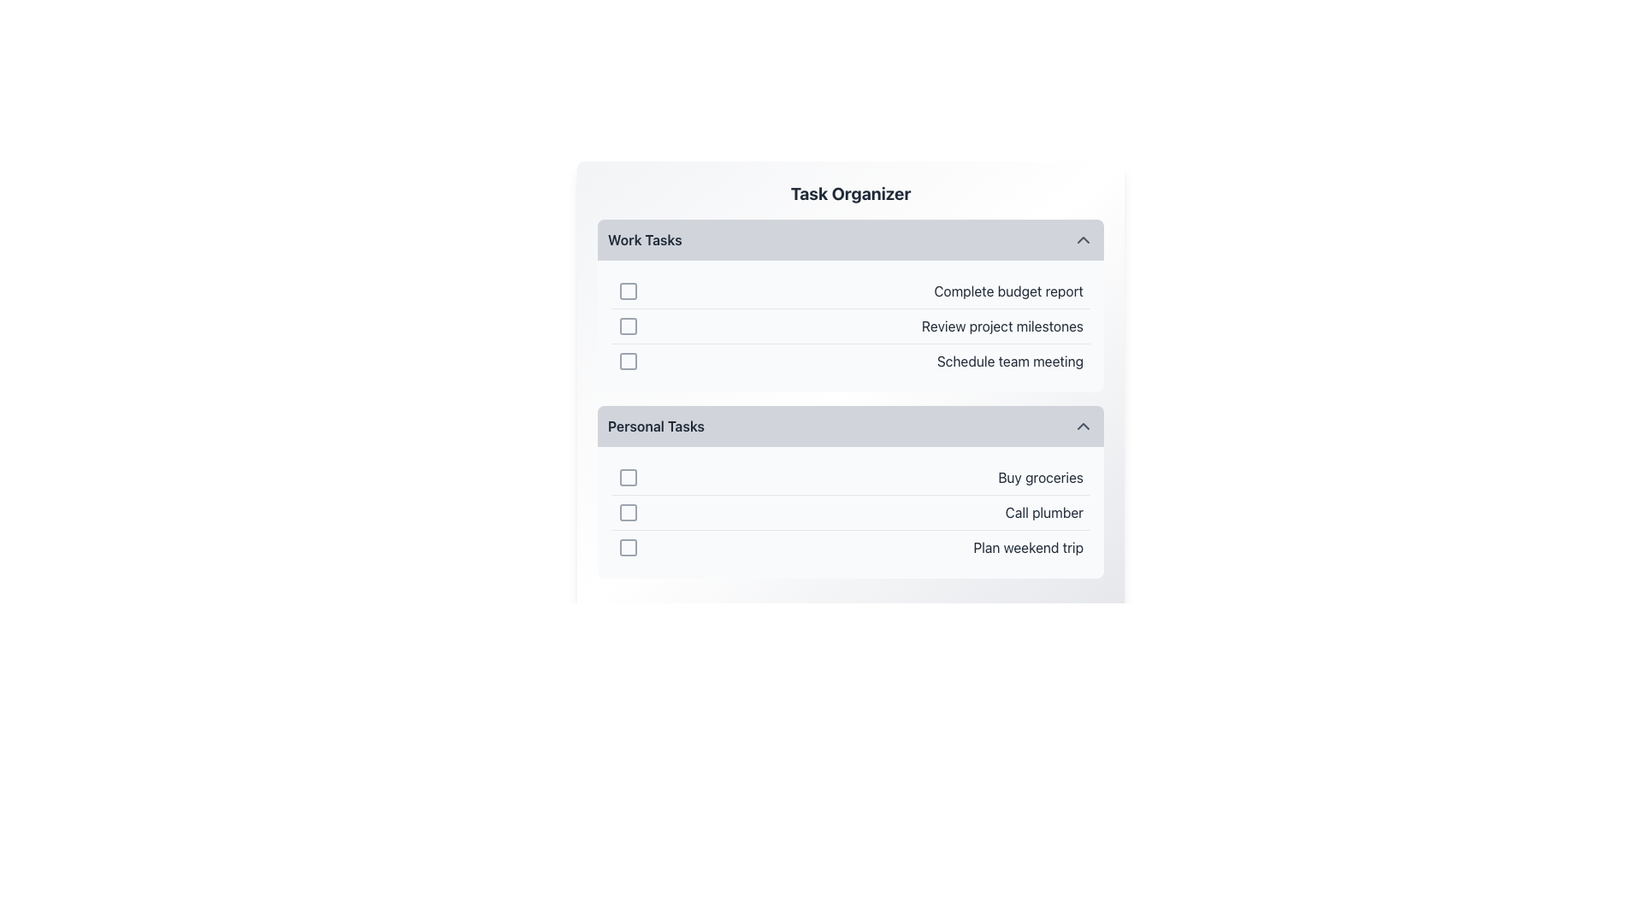 The height and width of the screenshot is (923, 1642). What do you see at coordinates (627, 290) in the screenshot?
I see `the first checkbox in the 'Work Tasks' category to mark the task 'Complete budget report' as completed` at bounding box center [627, 290].